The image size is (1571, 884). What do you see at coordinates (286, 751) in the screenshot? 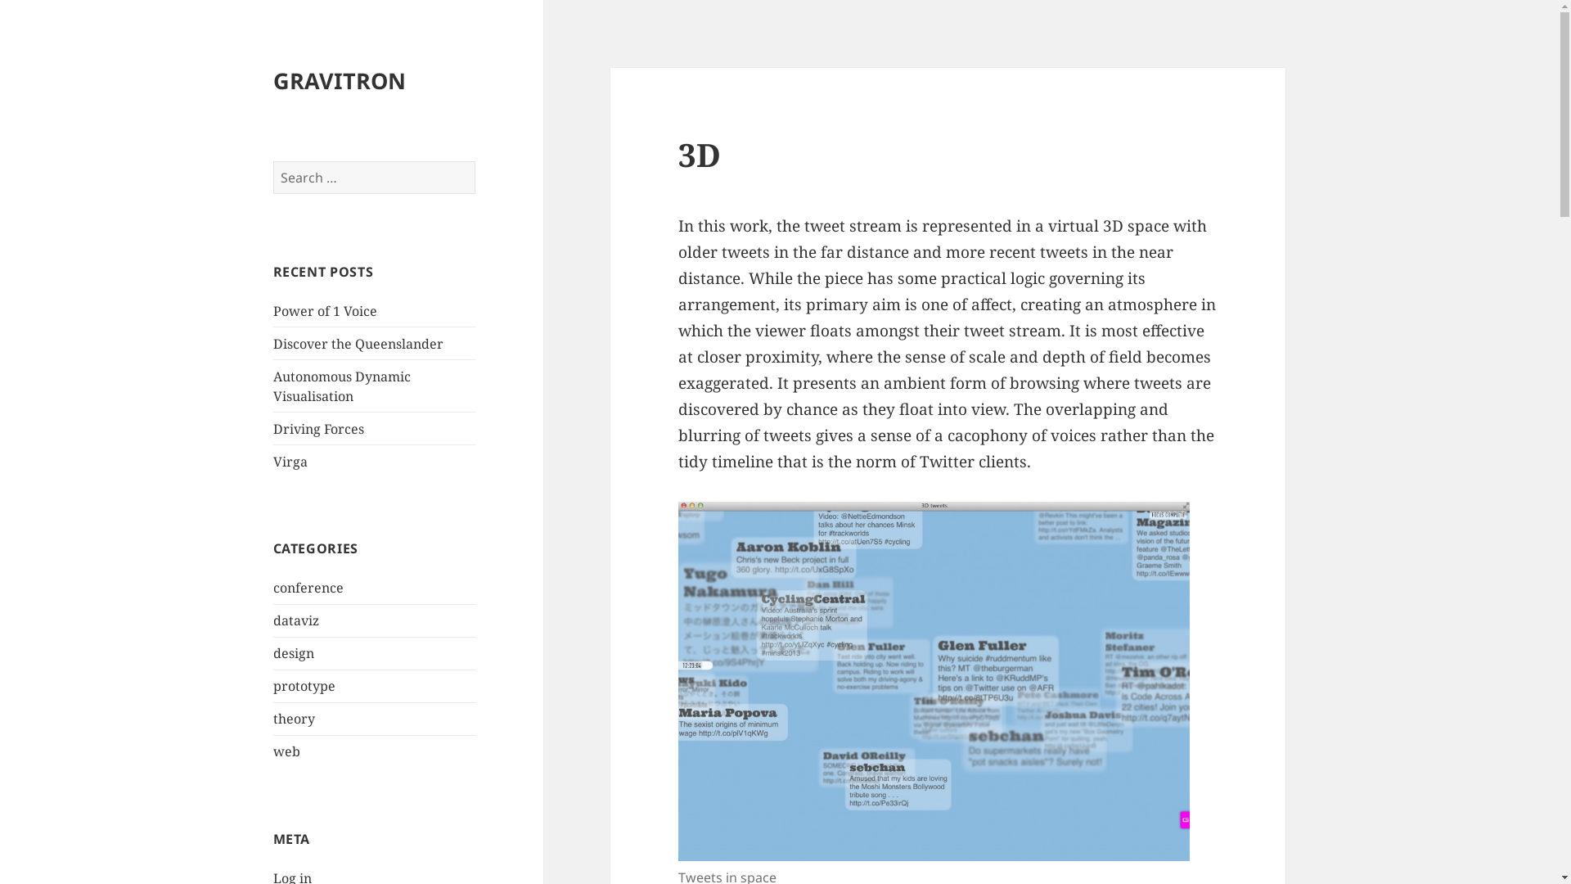
I see `'web'` at bounding box center [286, 751].